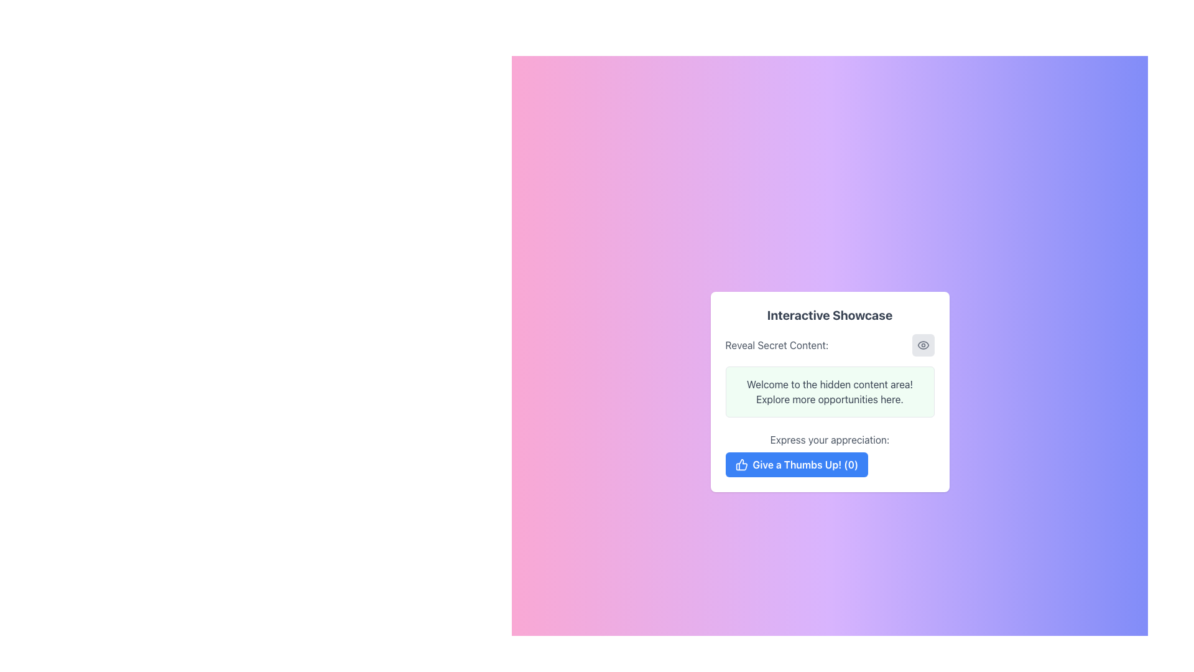 Image resolution: width=1194 pixels, height=672 pixels. What do you see at coordinates (923, 345) in the screenshot?
I see `the rounded rectangular button with a gray background and an eye icon, located to the right of the text 'Reveal Secret Content:'` at bounding box center [923, 345].